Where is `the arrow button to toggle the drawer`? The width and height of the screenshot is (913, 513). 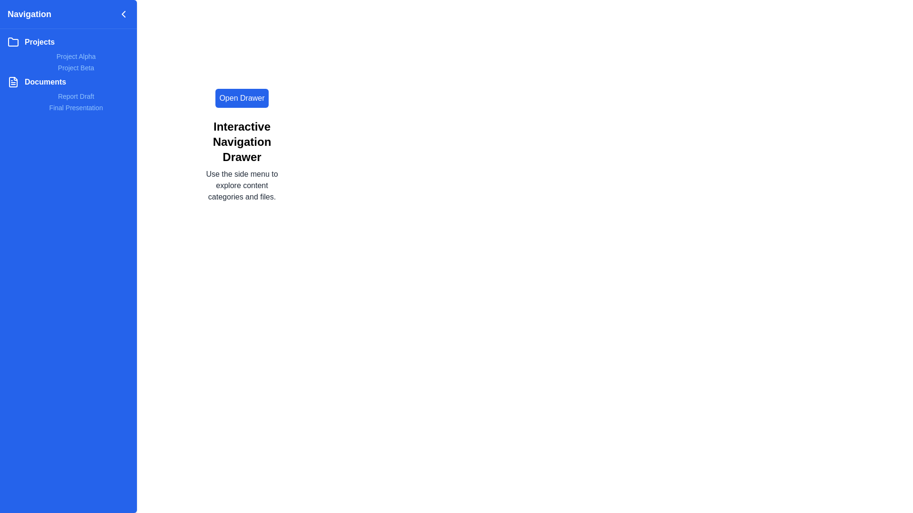
the arrow button to toggle the drawer is located at coordinates (123, 14).